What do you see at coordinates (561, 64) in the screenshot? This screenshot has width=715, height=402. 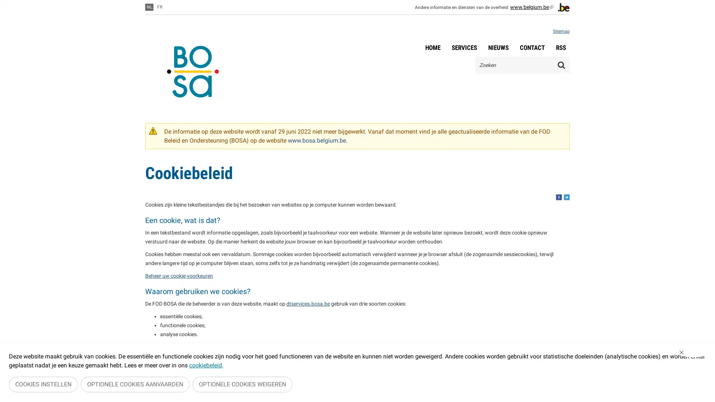 I see `Zoeken` at bounding box center [561, 64].